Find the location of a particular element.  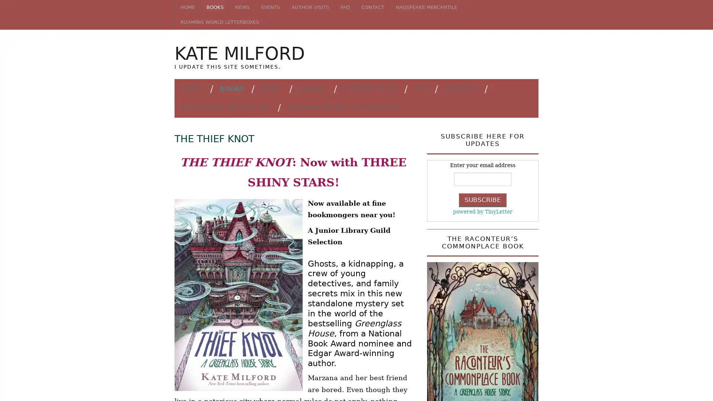

Subscribe is located at coordinates (483, 199).